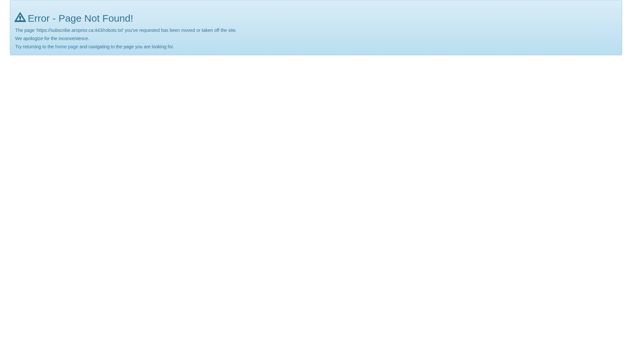  Describe the element at coordinates (55, 46) in the screenshot. I see `'home page'` at that location.